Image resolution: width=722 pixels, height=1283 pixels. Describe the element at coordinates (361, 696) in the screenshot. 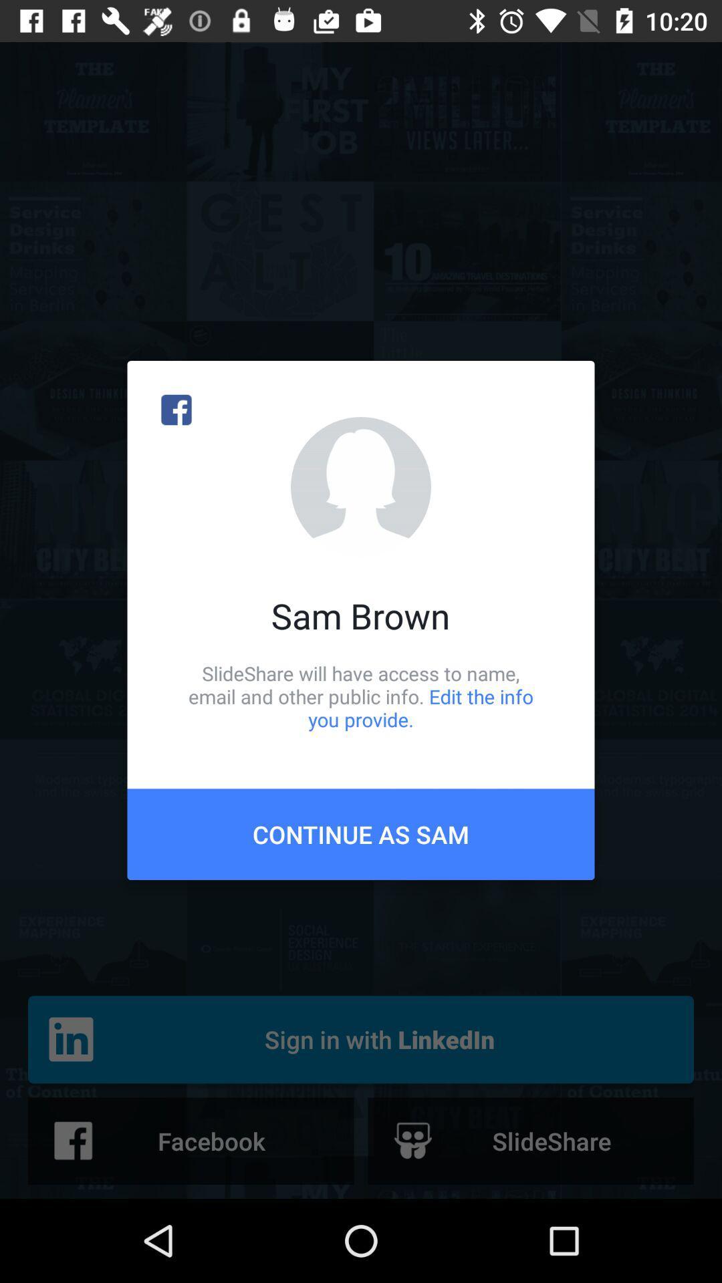

I see `icon below the sam brown item` at that location.